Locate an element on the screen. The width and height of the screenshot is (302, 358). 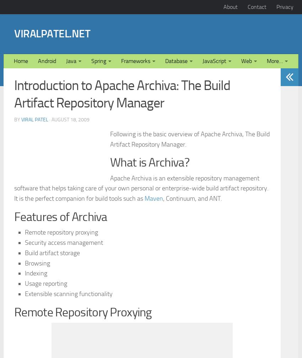
'Features of Archiva' is located at coordinates (14, 316).